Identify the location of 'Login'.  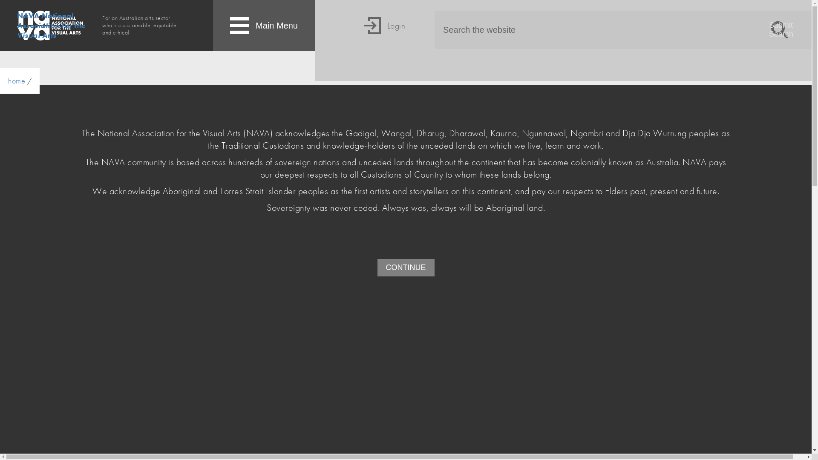
(383, 40).